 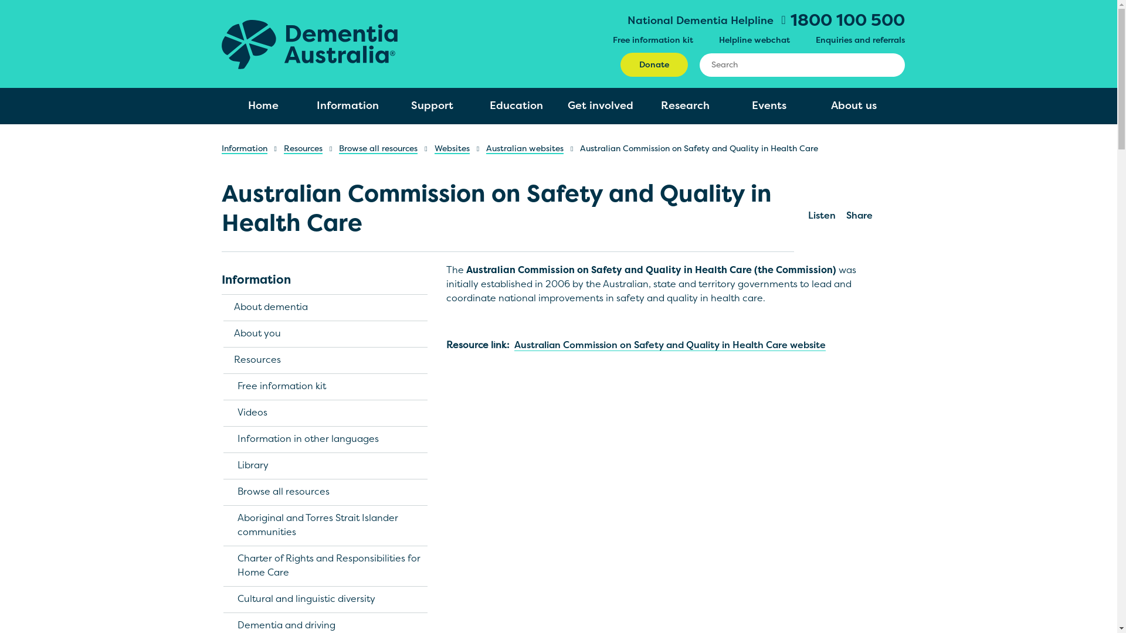 What do you see at coordinates (263, 106) in the screenshot?
I see `'Home'` at bounding box center [263, 106].